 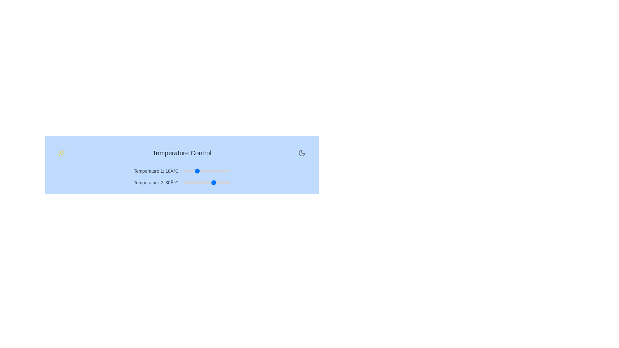 I want to click on the temperature slider, so click(x=190, y=183).